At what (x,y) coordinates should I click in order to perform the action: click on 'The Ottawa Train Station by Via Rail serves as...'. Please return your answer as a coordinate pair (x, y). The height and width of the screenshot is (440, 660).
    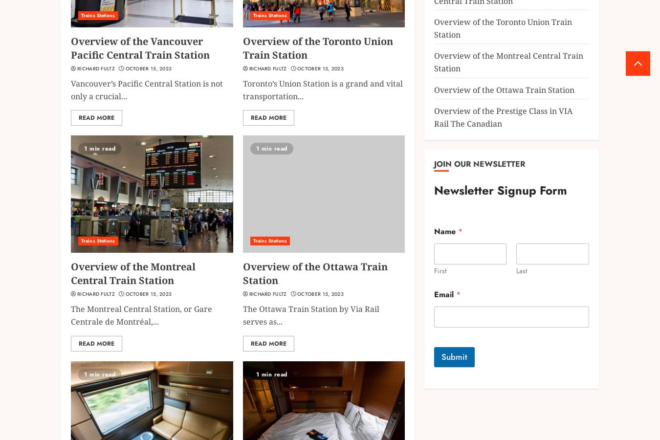
    Looking at the image, I should click on (310, 315).